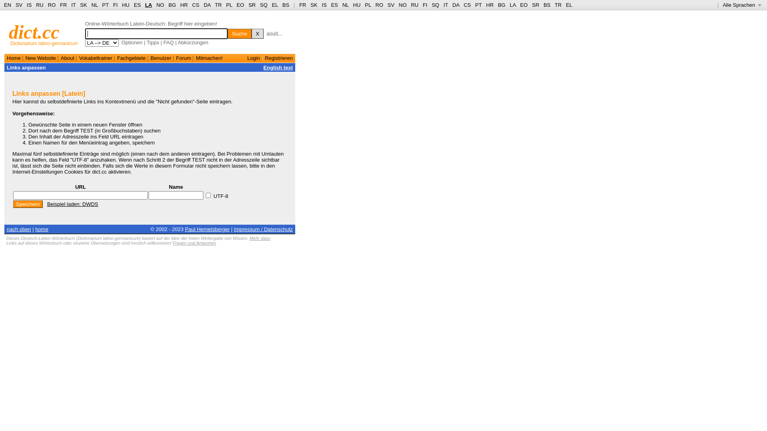 This screenshot has width=767, height=431. Describe the element at coordinates (443, 5) in the screenshot. I see `'IT'` at that location.